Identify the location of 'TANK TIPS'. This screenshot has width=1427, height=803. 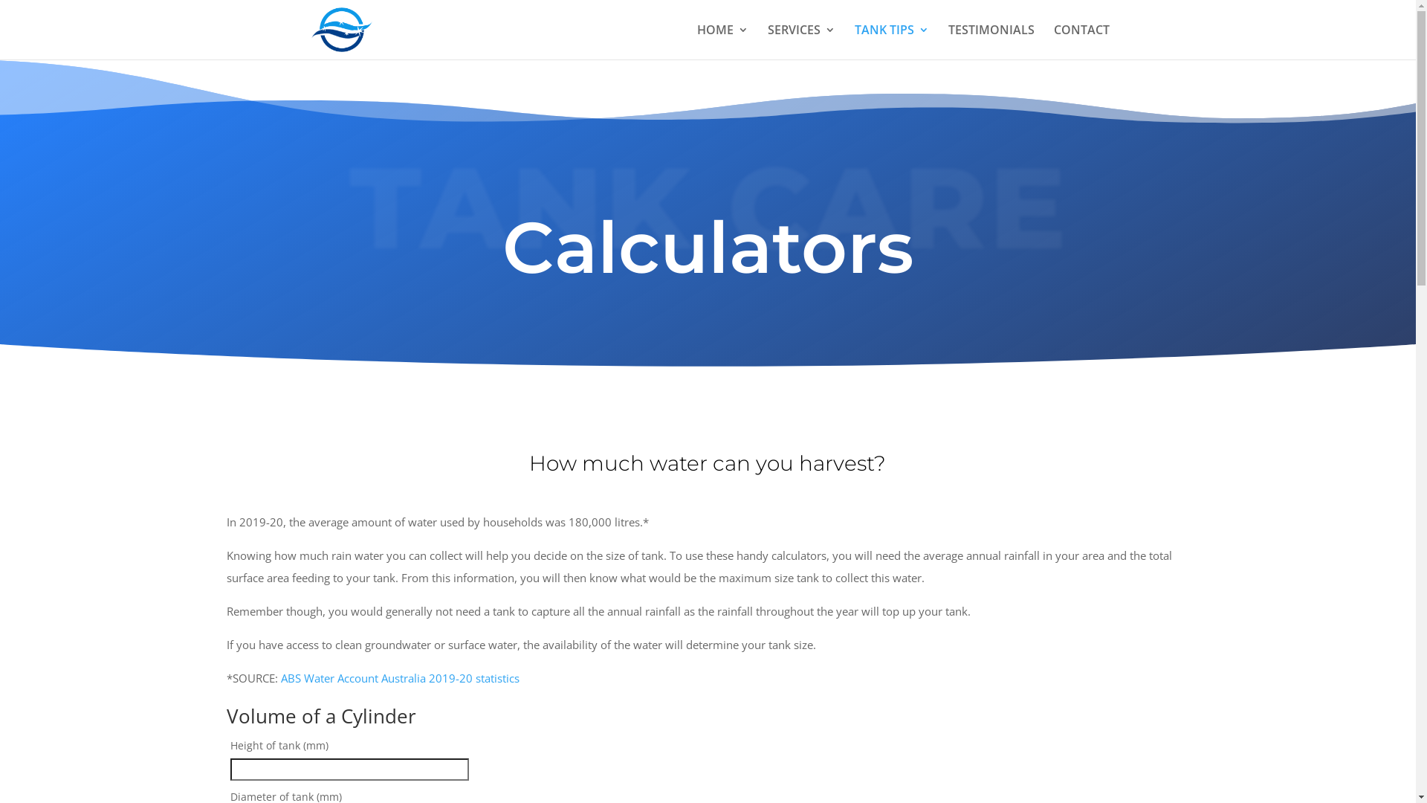
(892, 41).